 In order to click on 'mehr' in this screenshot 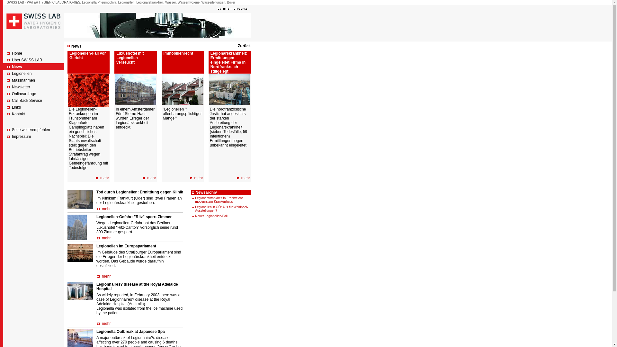, I will do `click(106, 209)`.